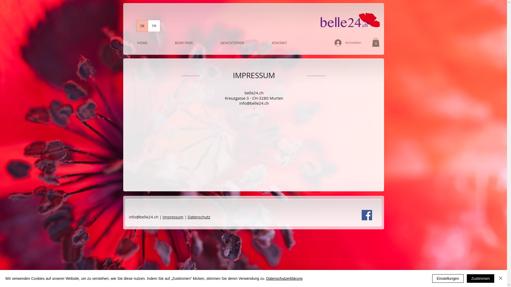 Image resolution: width=511 pixels, height=287 pixels. I want to click on 'Impressum', so click(172, 217).